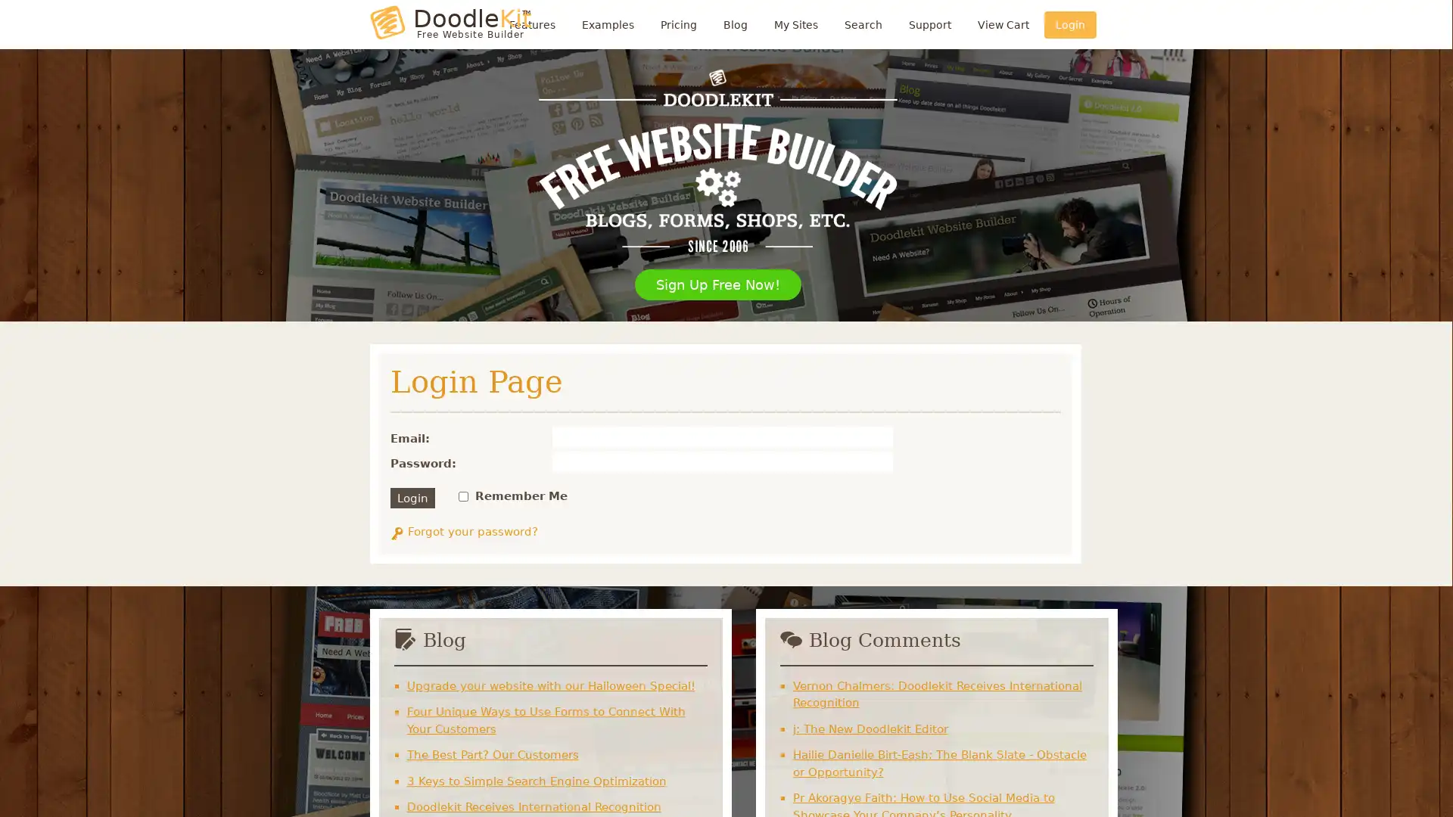  Describe the element at coordinates (412, 498) in the screenshot. I see `Login` at that location.